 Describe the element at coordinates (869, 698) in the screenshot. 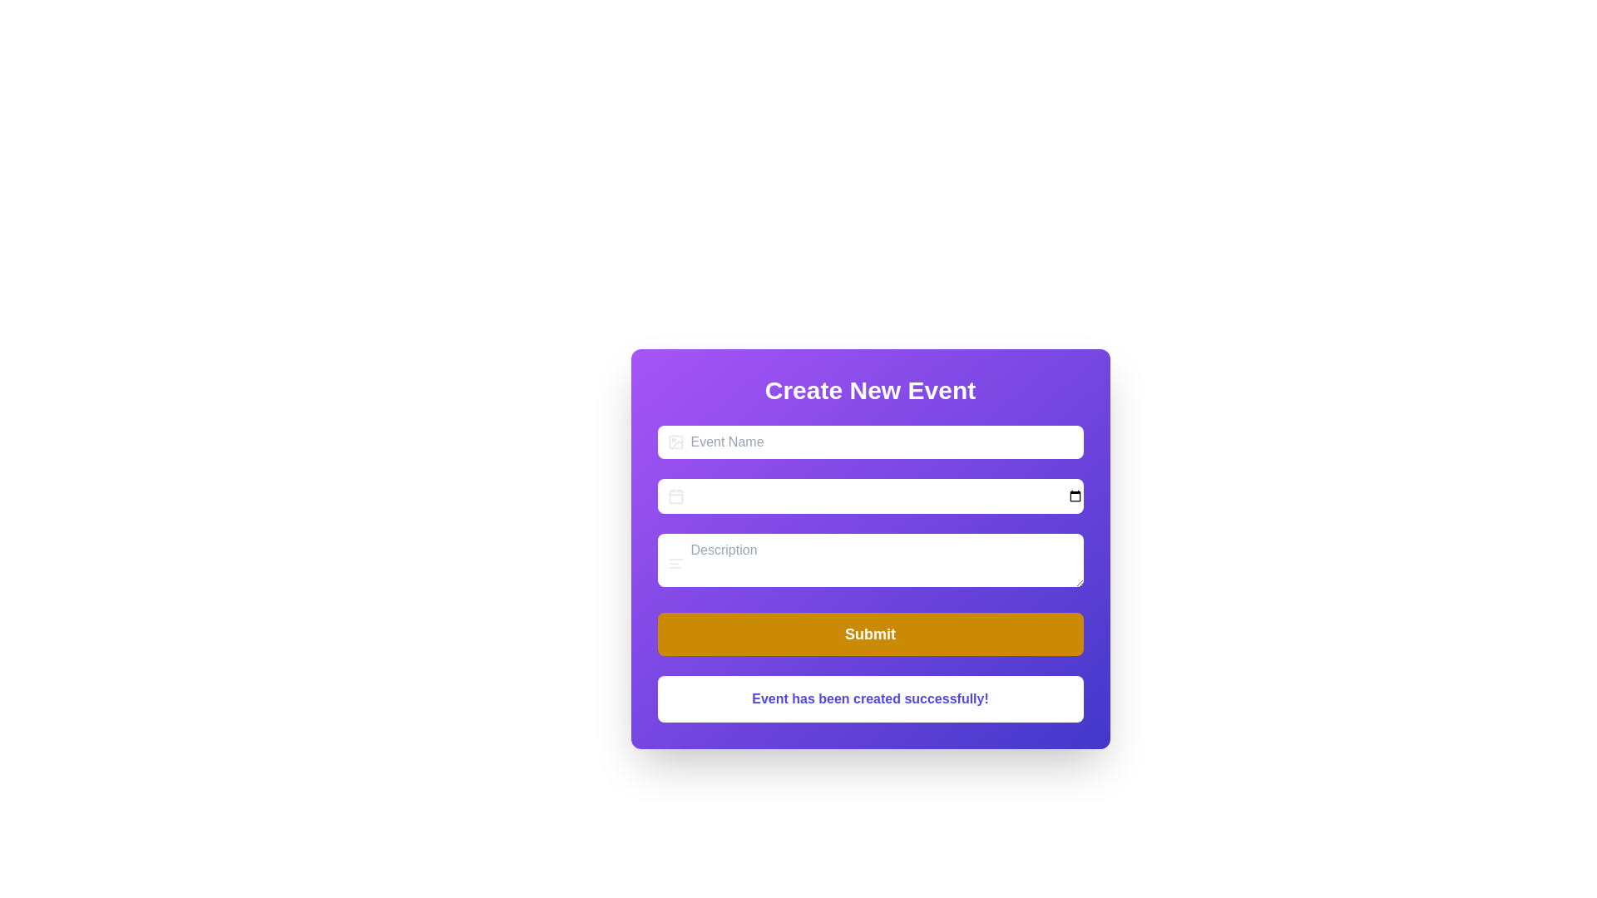

I see `the Status Message element located directly beneath the orange 'Submit' button, which displays confirmation feedback to the user` at that location.